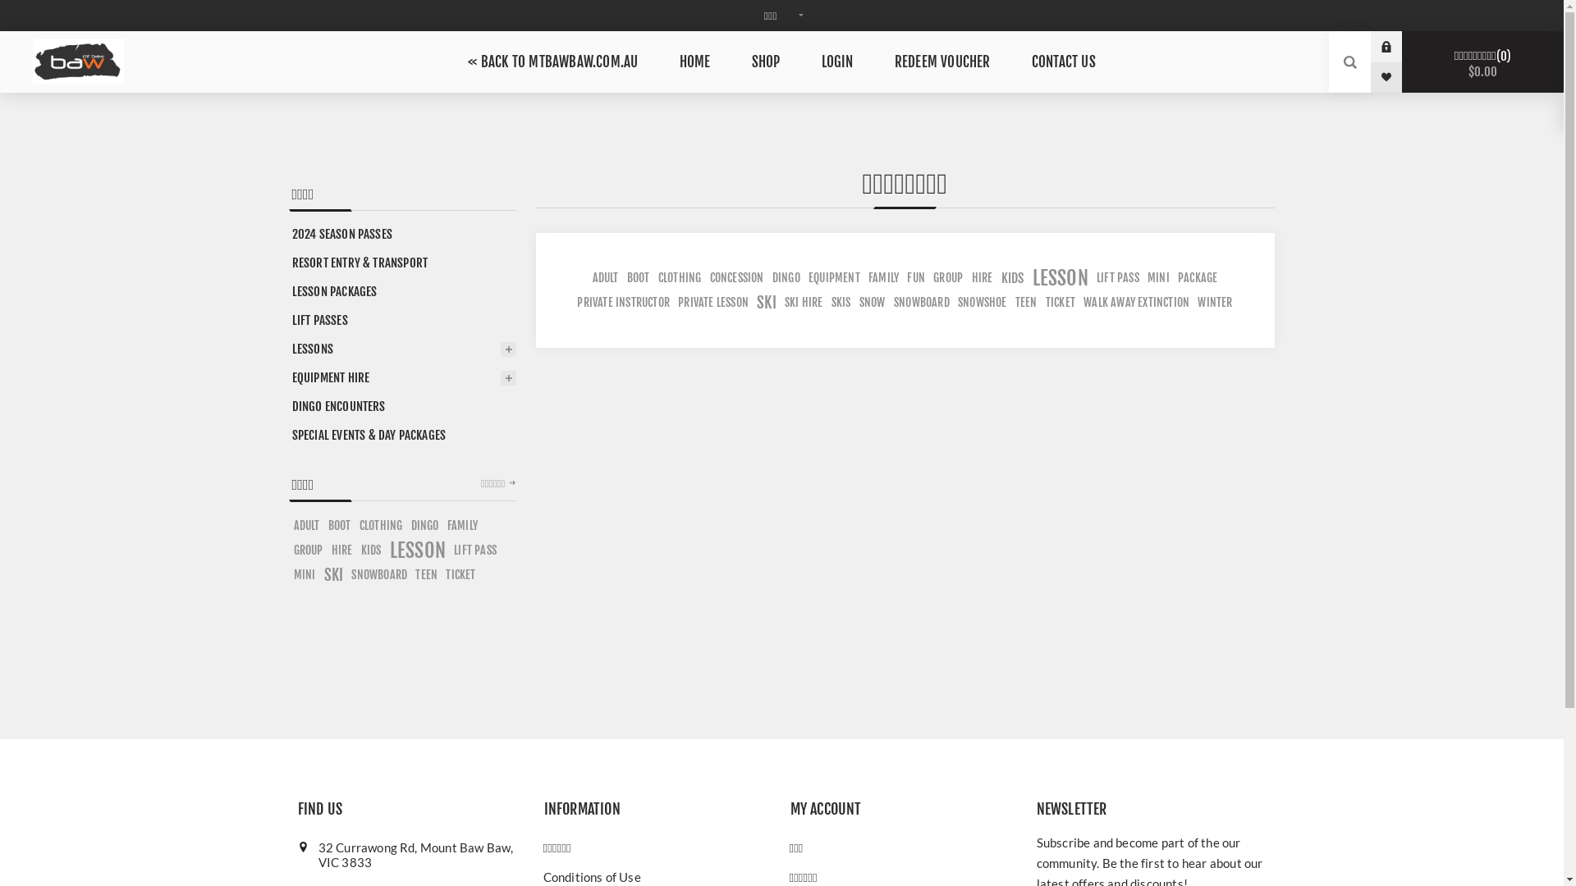 This screenshot has height=886, width=1576. What do you see at coordinates (982, 303) in the screenshot?
I see `'SNOWSHOE'` at bounding box center [982, 303].